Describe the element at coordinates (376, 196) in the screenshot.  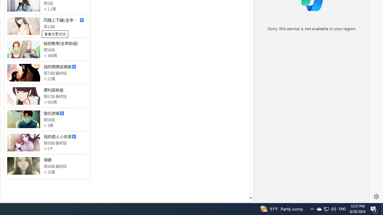
I see `'Settings'` at that location.